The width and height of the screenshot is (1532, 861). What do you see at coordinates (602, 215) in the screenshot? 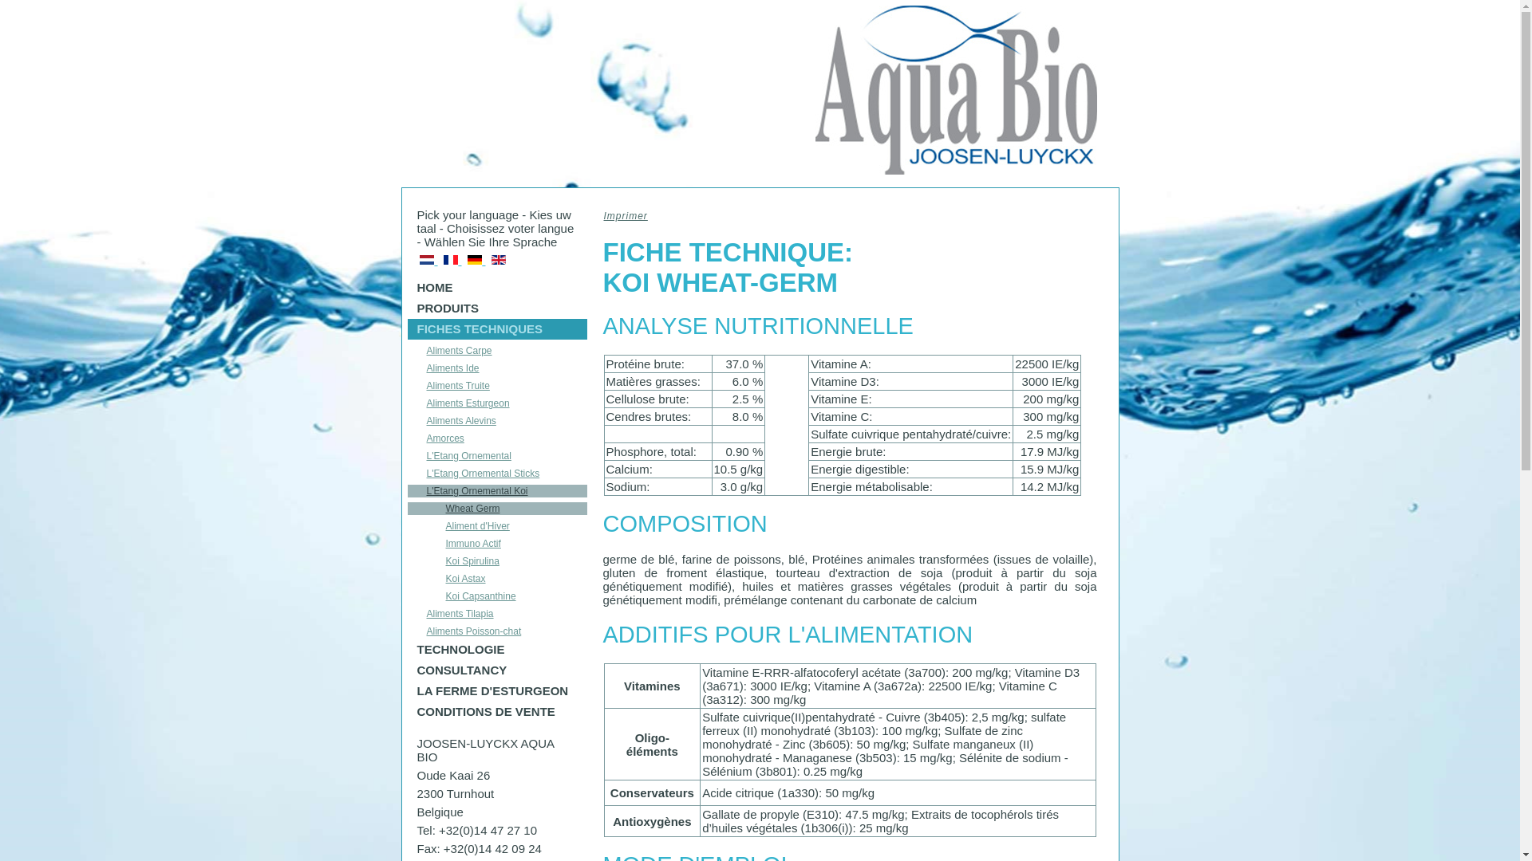
I see `'Imprimer'` at bounding box center [602, 215].